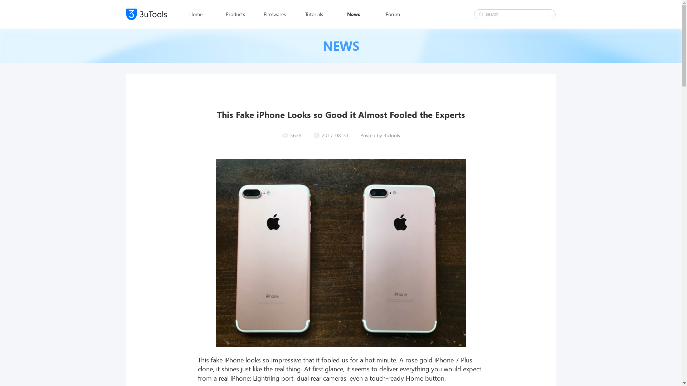  Describe the element at coordinates (261, 14) in the screenshot. I see `'Firmwares'` at that location.